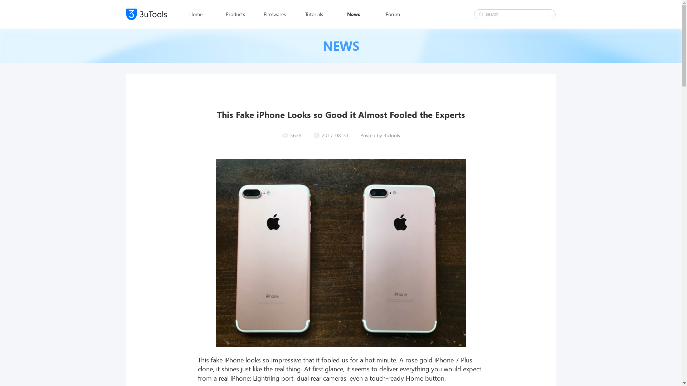  Describe the element at coordinates (261, 14) in the screenshot. I see `'Firmwares'` at that location.